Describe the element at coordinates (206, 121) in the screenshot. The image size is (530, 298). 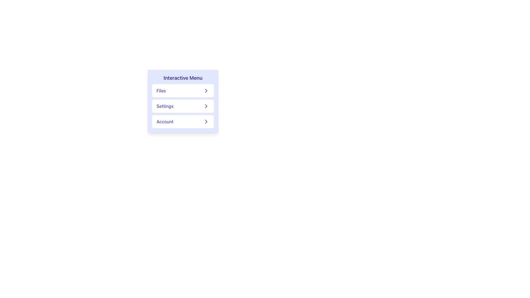
I see `the chevron icon located on the far-right side of the 'Account' button` at that location.